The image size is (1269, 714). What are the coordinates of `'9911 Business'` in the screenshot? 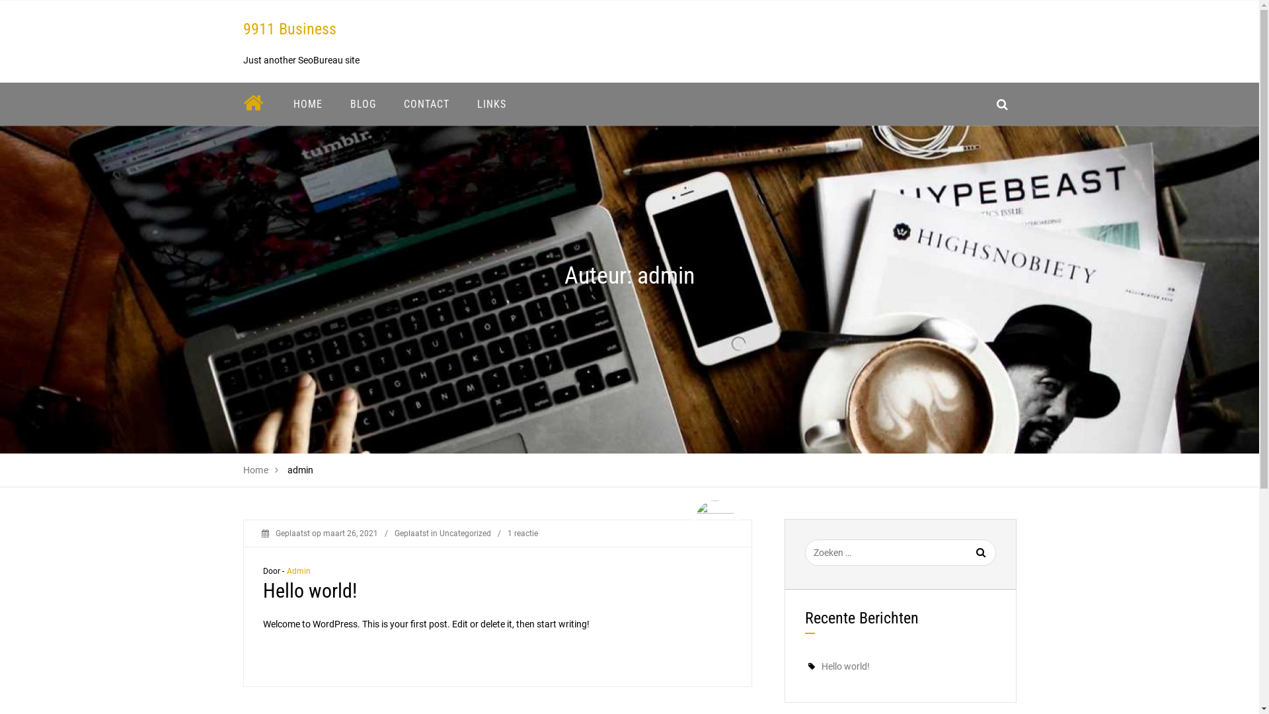 It's located at (289, 28).